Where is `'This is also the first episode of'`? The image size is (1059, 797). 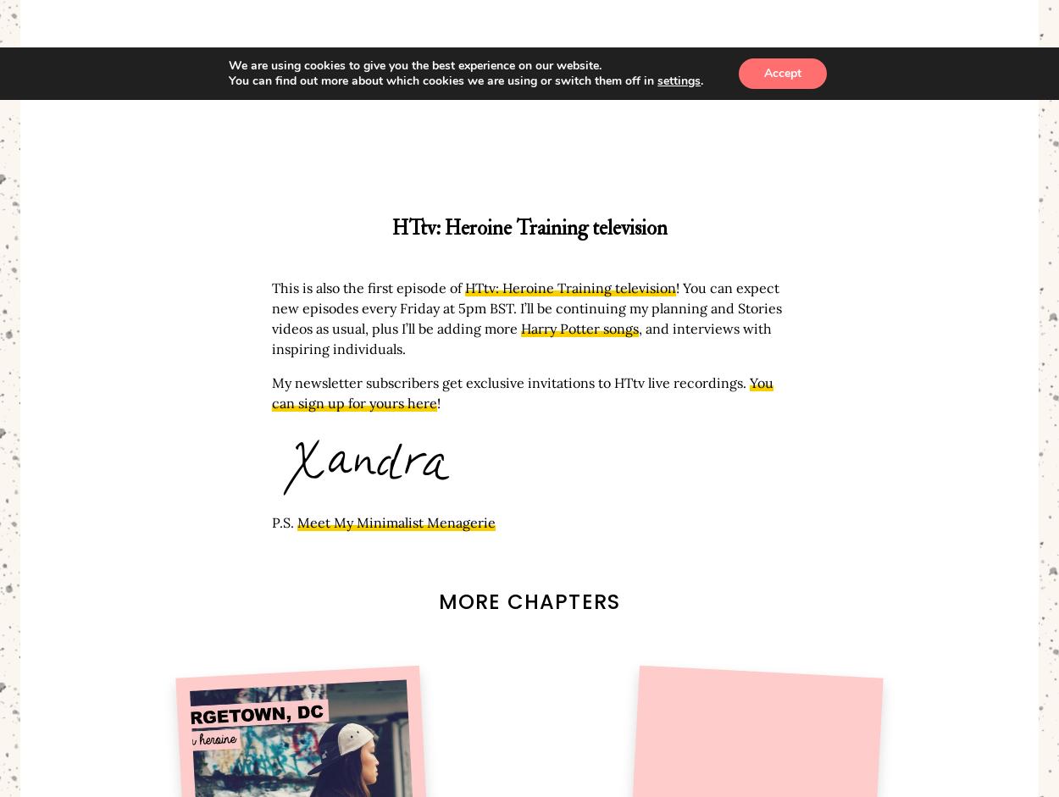 'This is also the first episode of' is located at coordinates (368, 286).